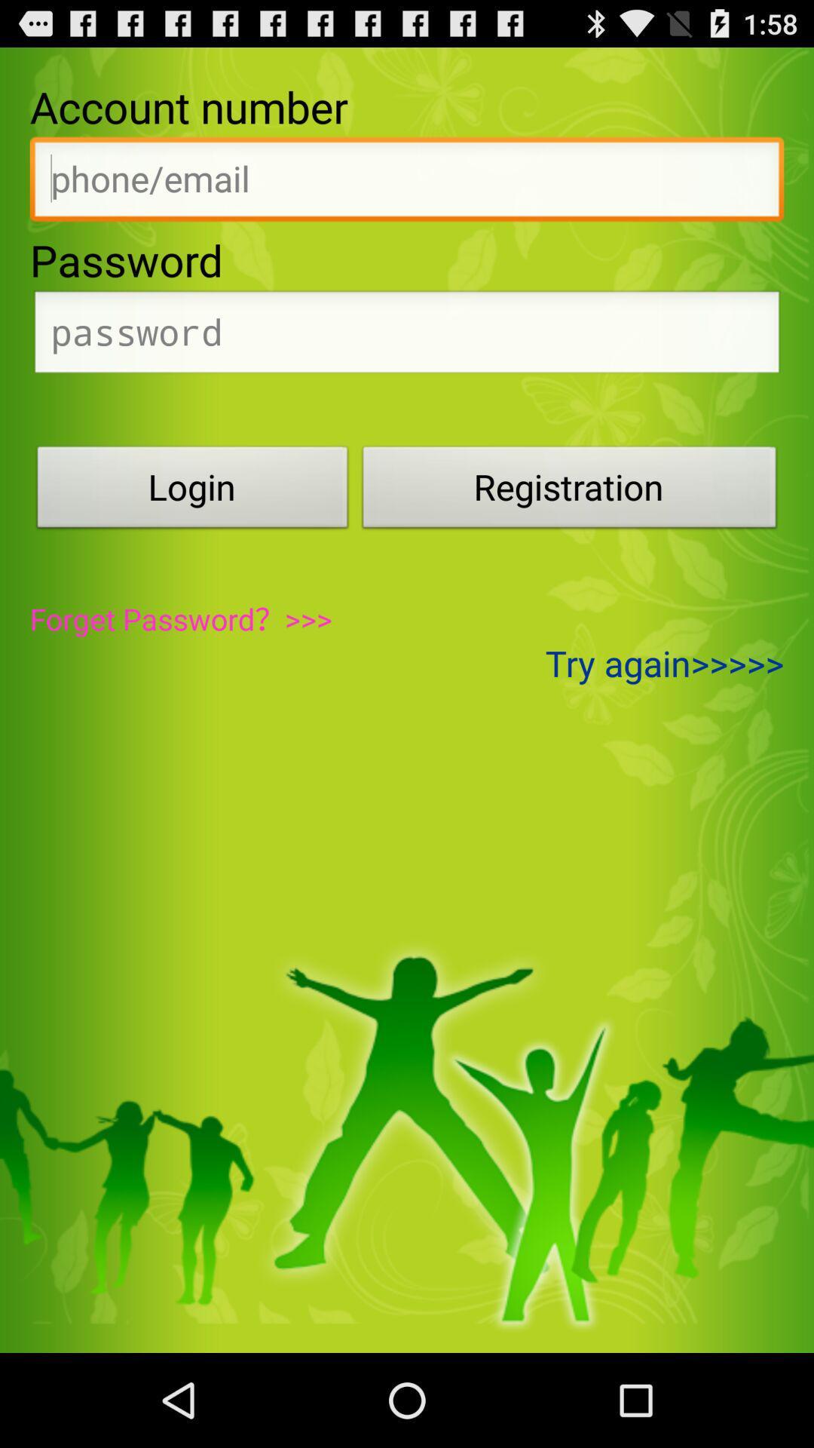  What do you see at coordinates (191, 491) in the screenshot?
I see `button next to registration button` at bounding box center [191, 491].